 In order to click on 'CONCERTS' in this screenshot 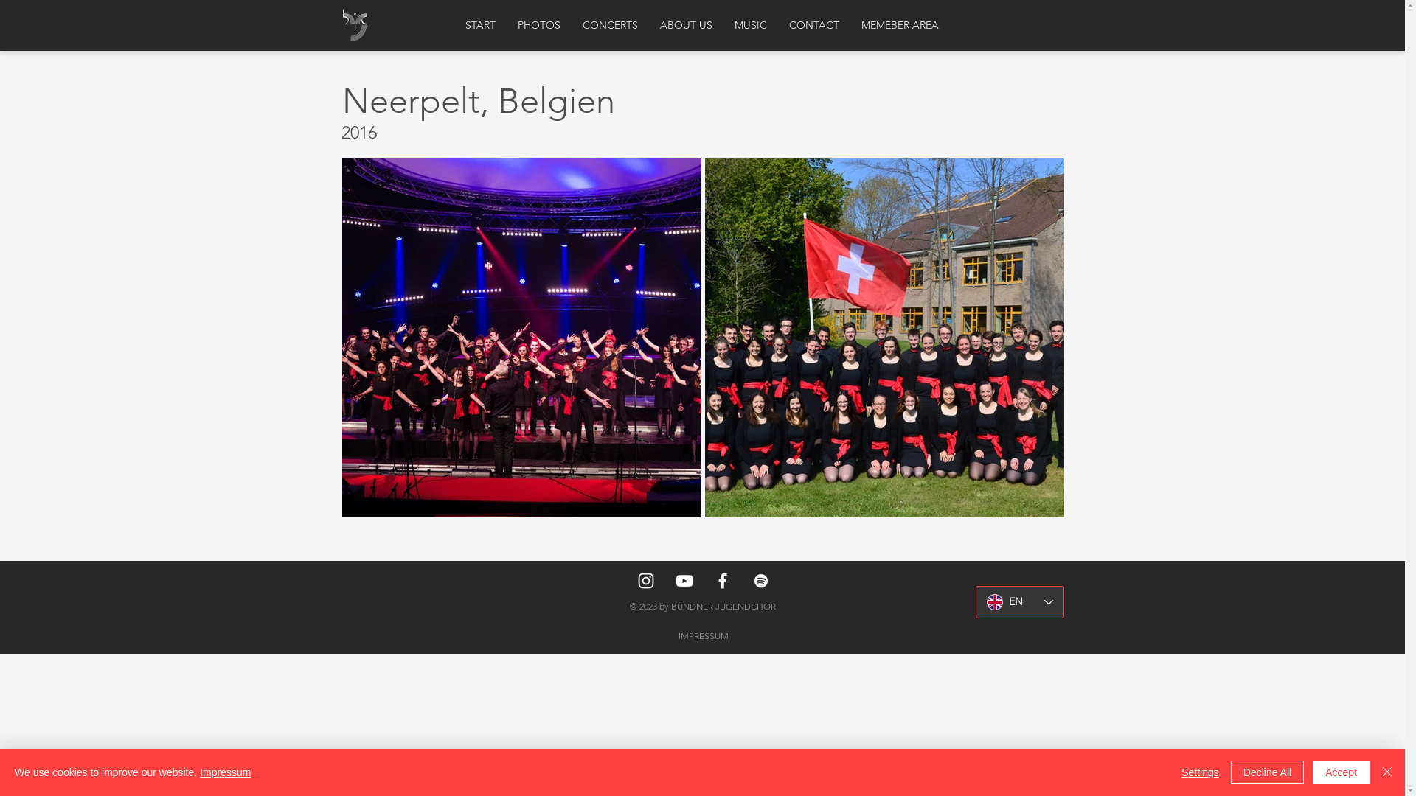, I will do `click(570, 25)`.